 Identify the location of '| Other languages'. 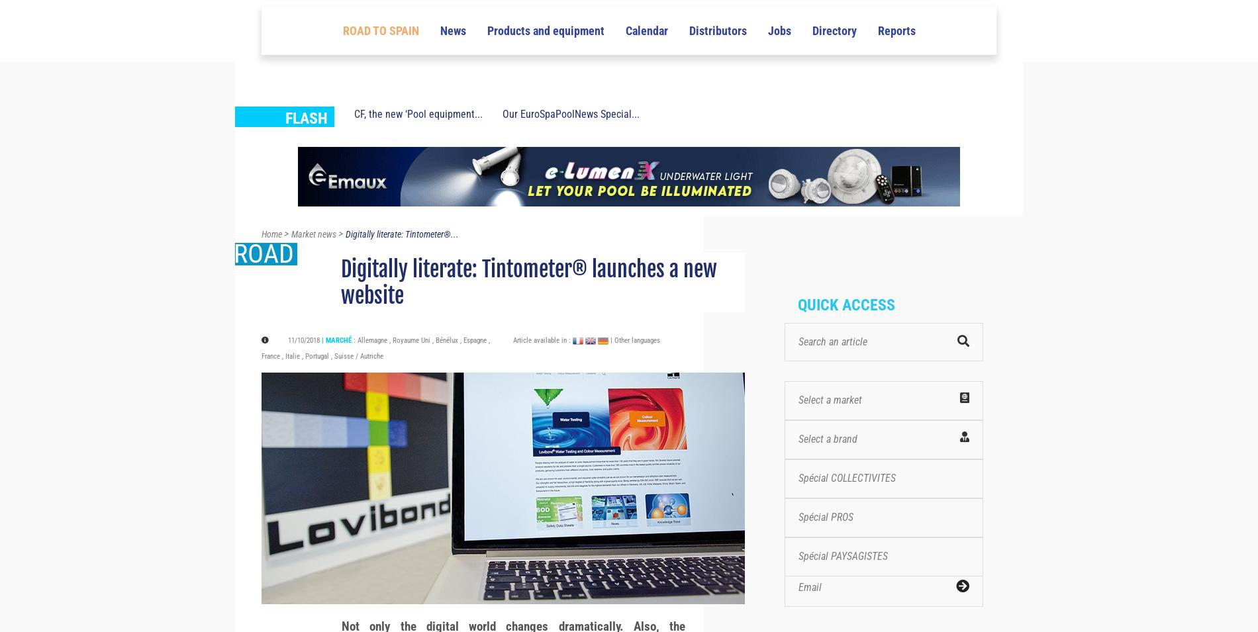
(635, 364).